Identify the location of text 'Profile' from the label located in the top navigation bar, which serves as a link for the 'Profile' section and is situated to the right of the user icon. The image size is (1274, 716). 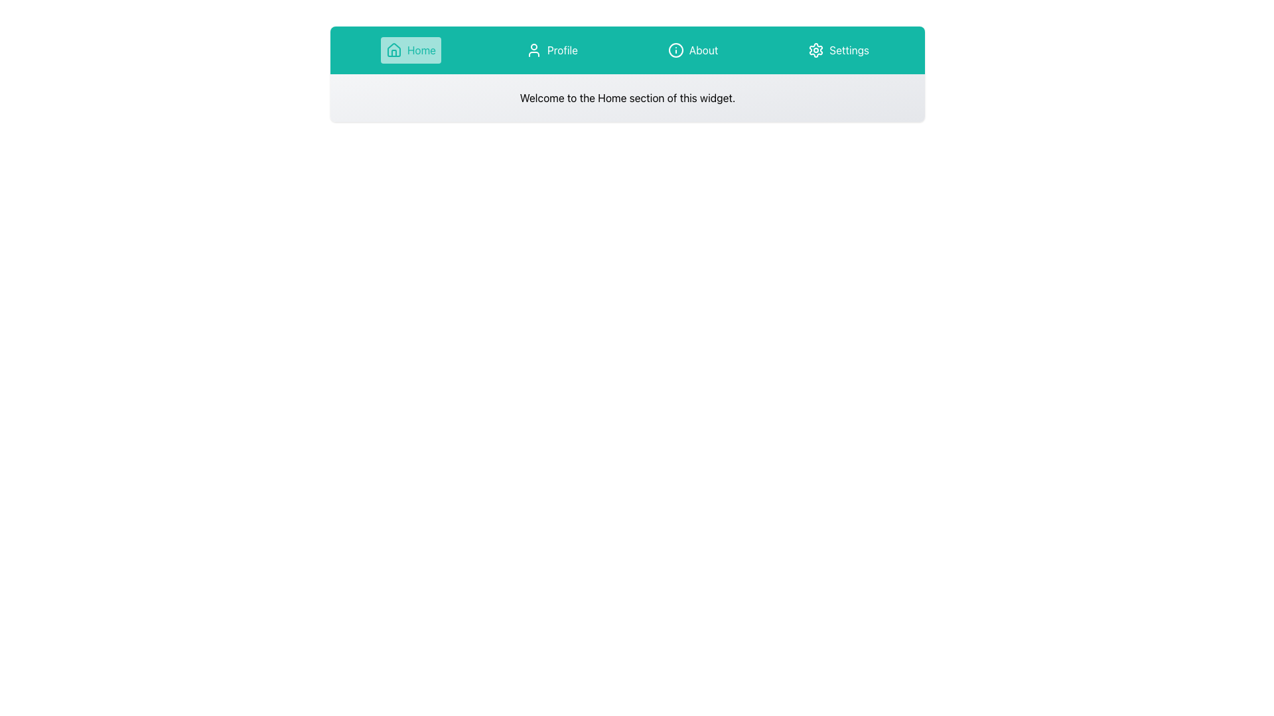
(562, 50).